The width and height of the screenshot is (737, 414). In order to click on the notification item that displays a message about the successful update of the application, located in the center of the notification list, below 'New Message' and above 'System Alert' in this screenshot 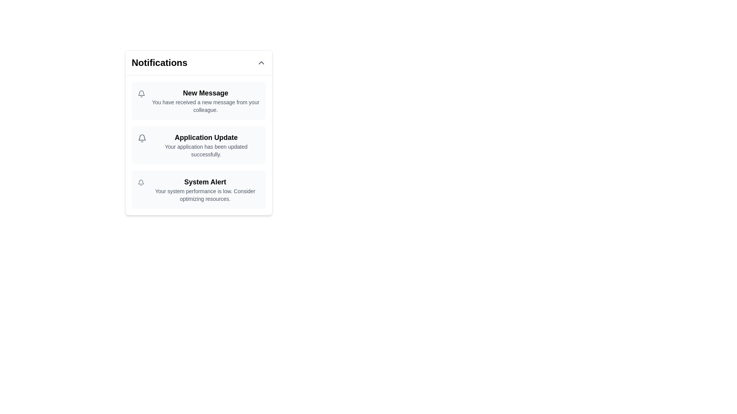, I will do `click(206, 145)`.